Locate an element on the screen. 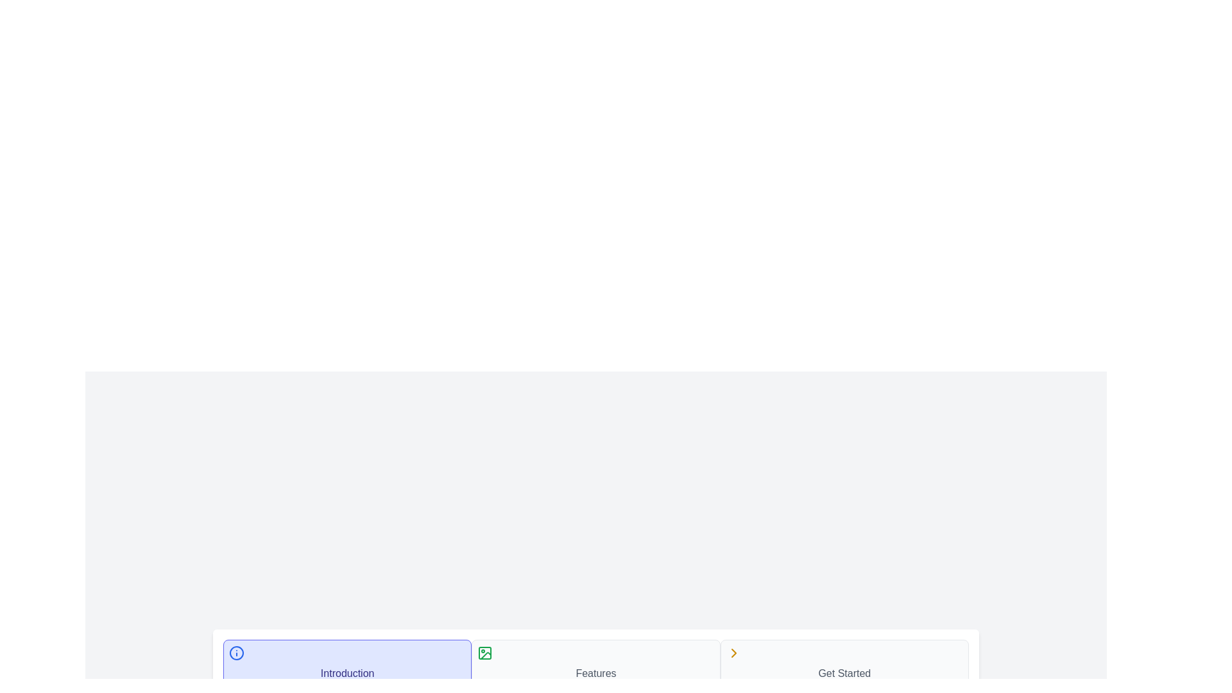  the icon of step 3 is located at coordinates (733, 653).